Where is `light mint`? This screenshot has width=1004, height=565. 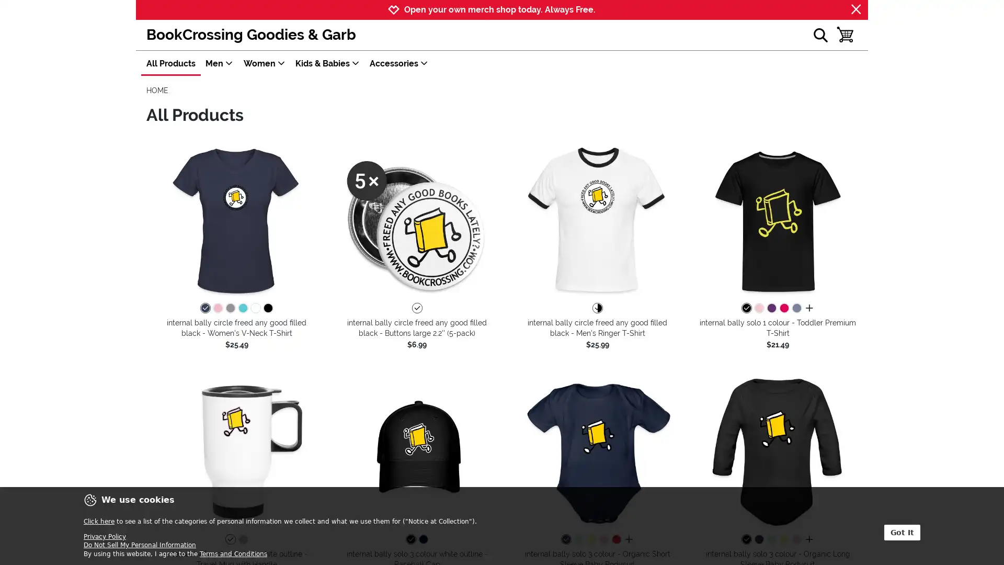
light mint is located at coordinates (771, 540).